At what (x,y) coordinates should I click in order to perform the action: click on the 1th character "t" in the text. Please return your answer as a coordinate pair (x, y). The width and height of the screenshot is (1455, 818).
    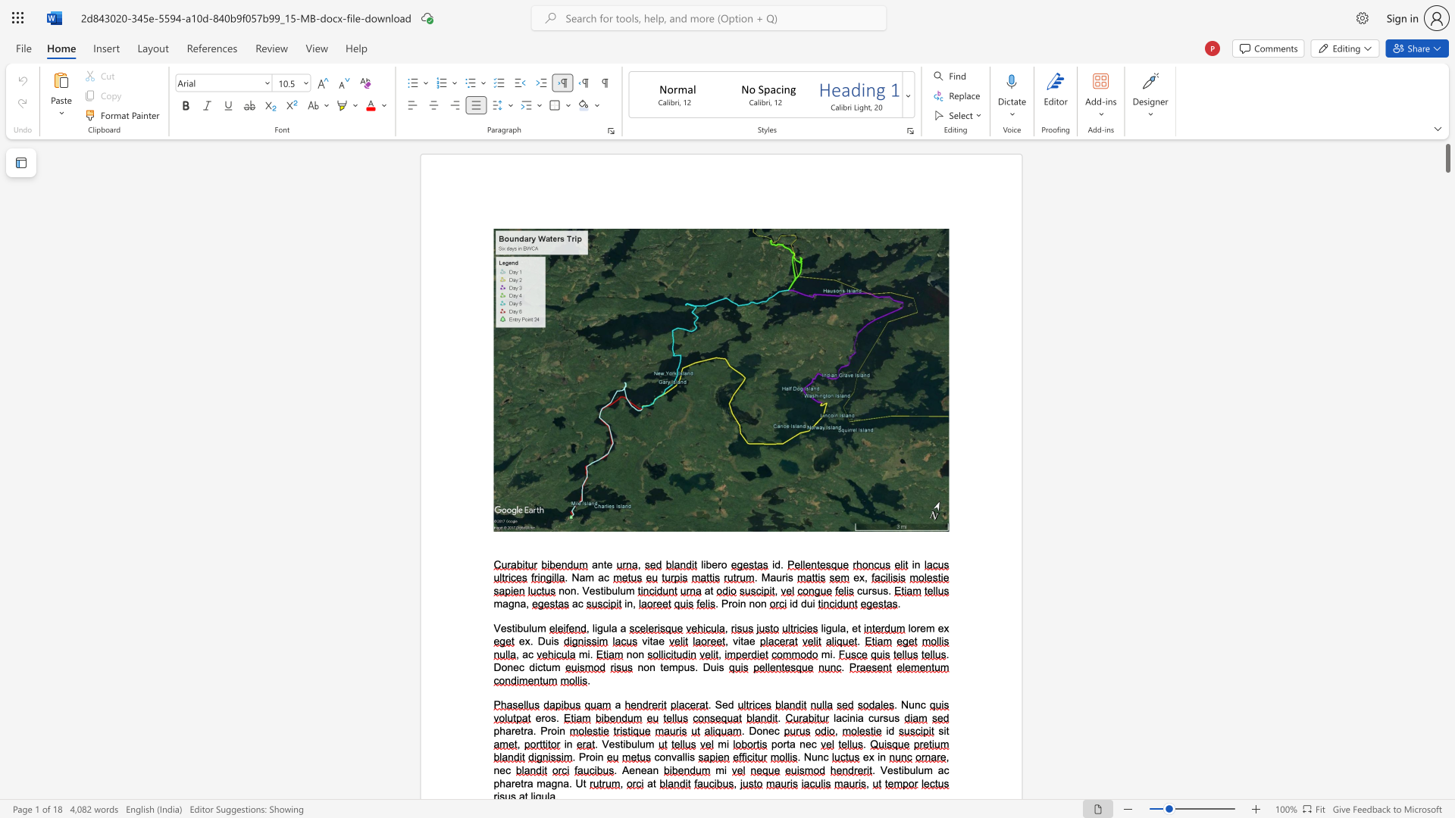
    Looking at the image, I should click on (788, 743).